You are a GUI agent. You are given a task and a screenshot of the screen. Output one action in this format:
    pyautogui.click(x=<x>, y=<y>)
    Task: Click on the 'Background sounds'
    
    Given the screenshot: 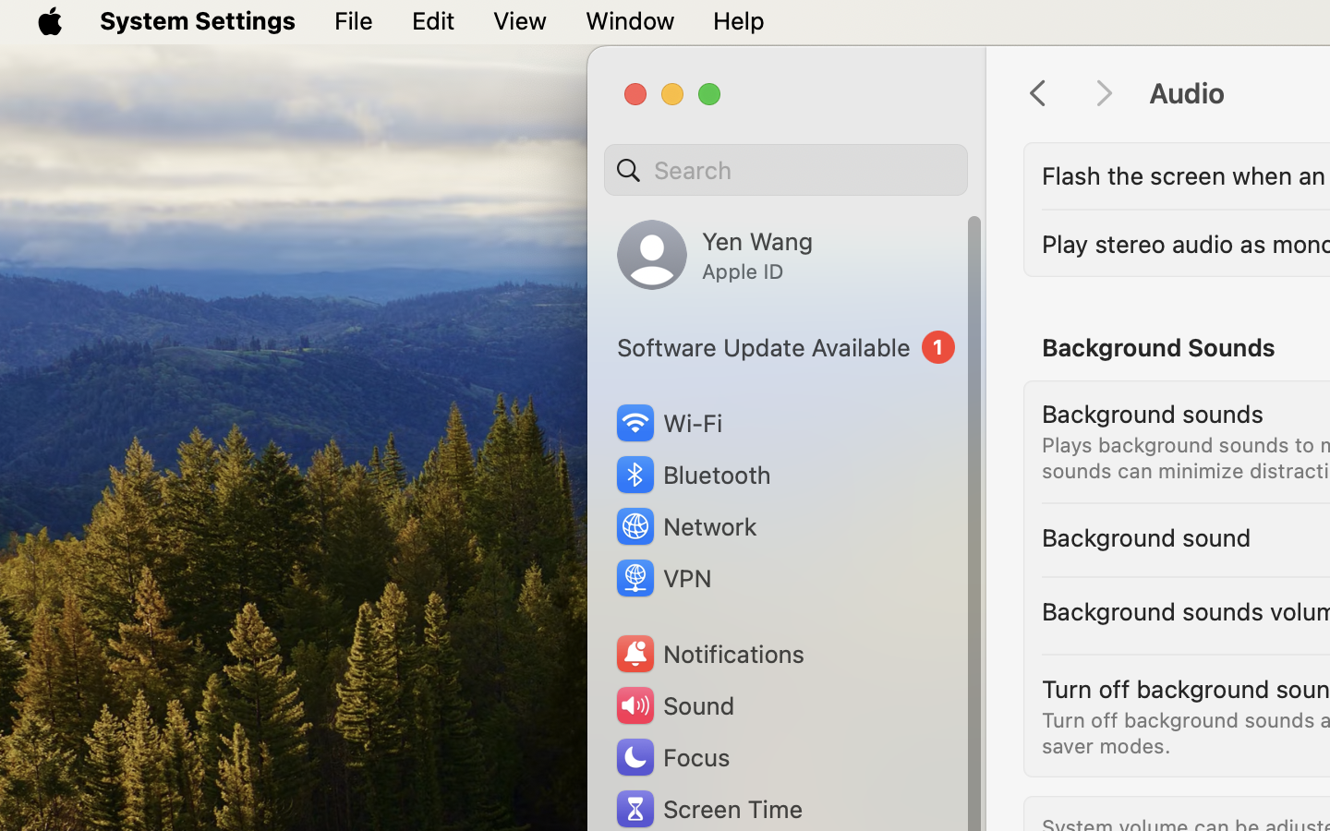 What is the action you would take?
    pyautogui.click(x=1152, y=414)
    